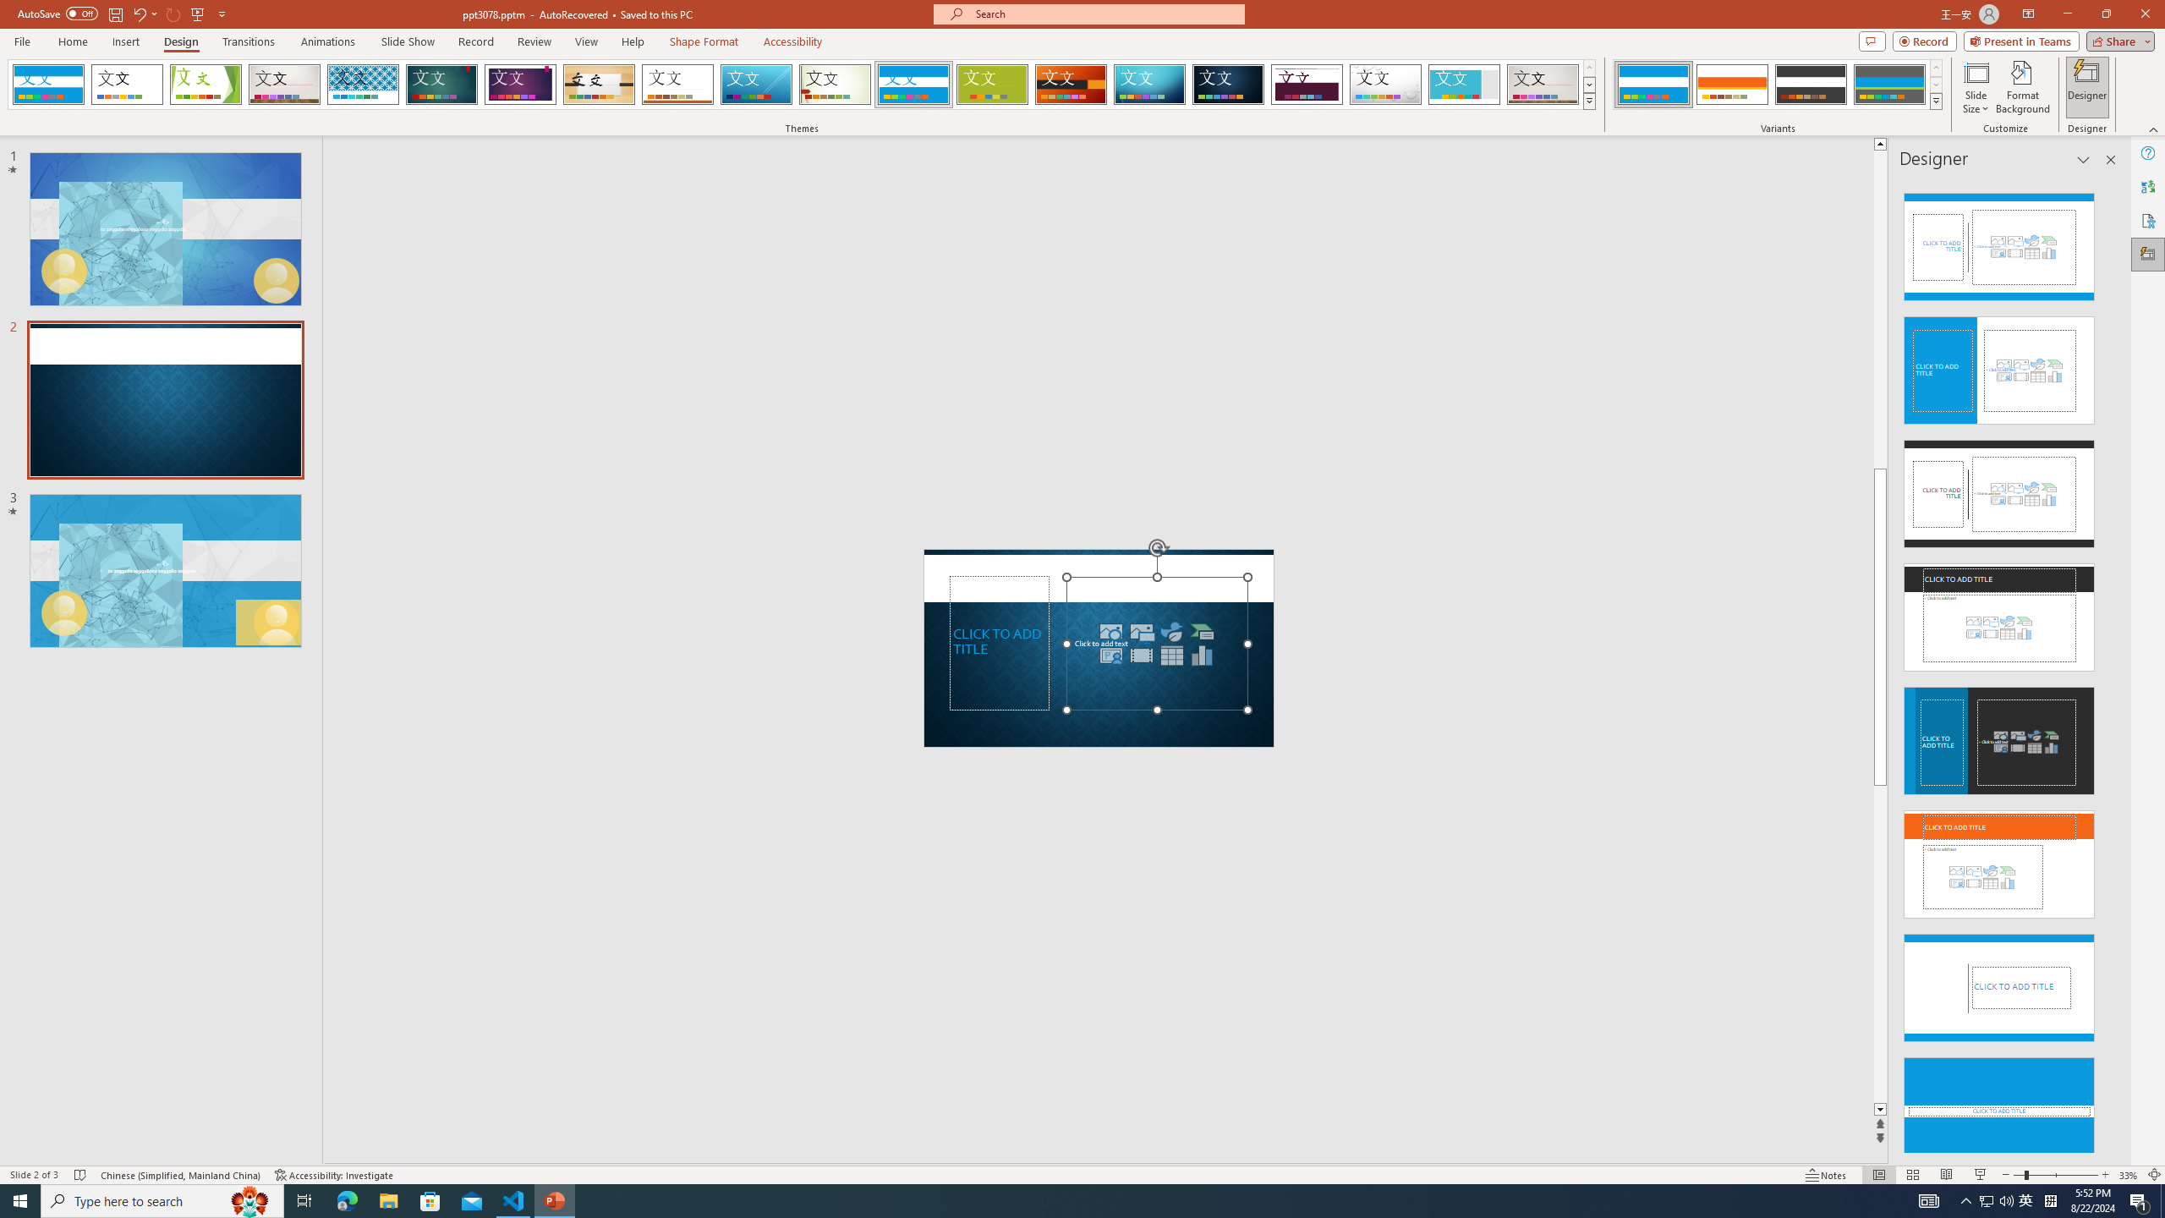 The image size is (2165, 1218). Describe the element at coordinates (755, 84) in the screenshot. I see `'Slice'` at that location.